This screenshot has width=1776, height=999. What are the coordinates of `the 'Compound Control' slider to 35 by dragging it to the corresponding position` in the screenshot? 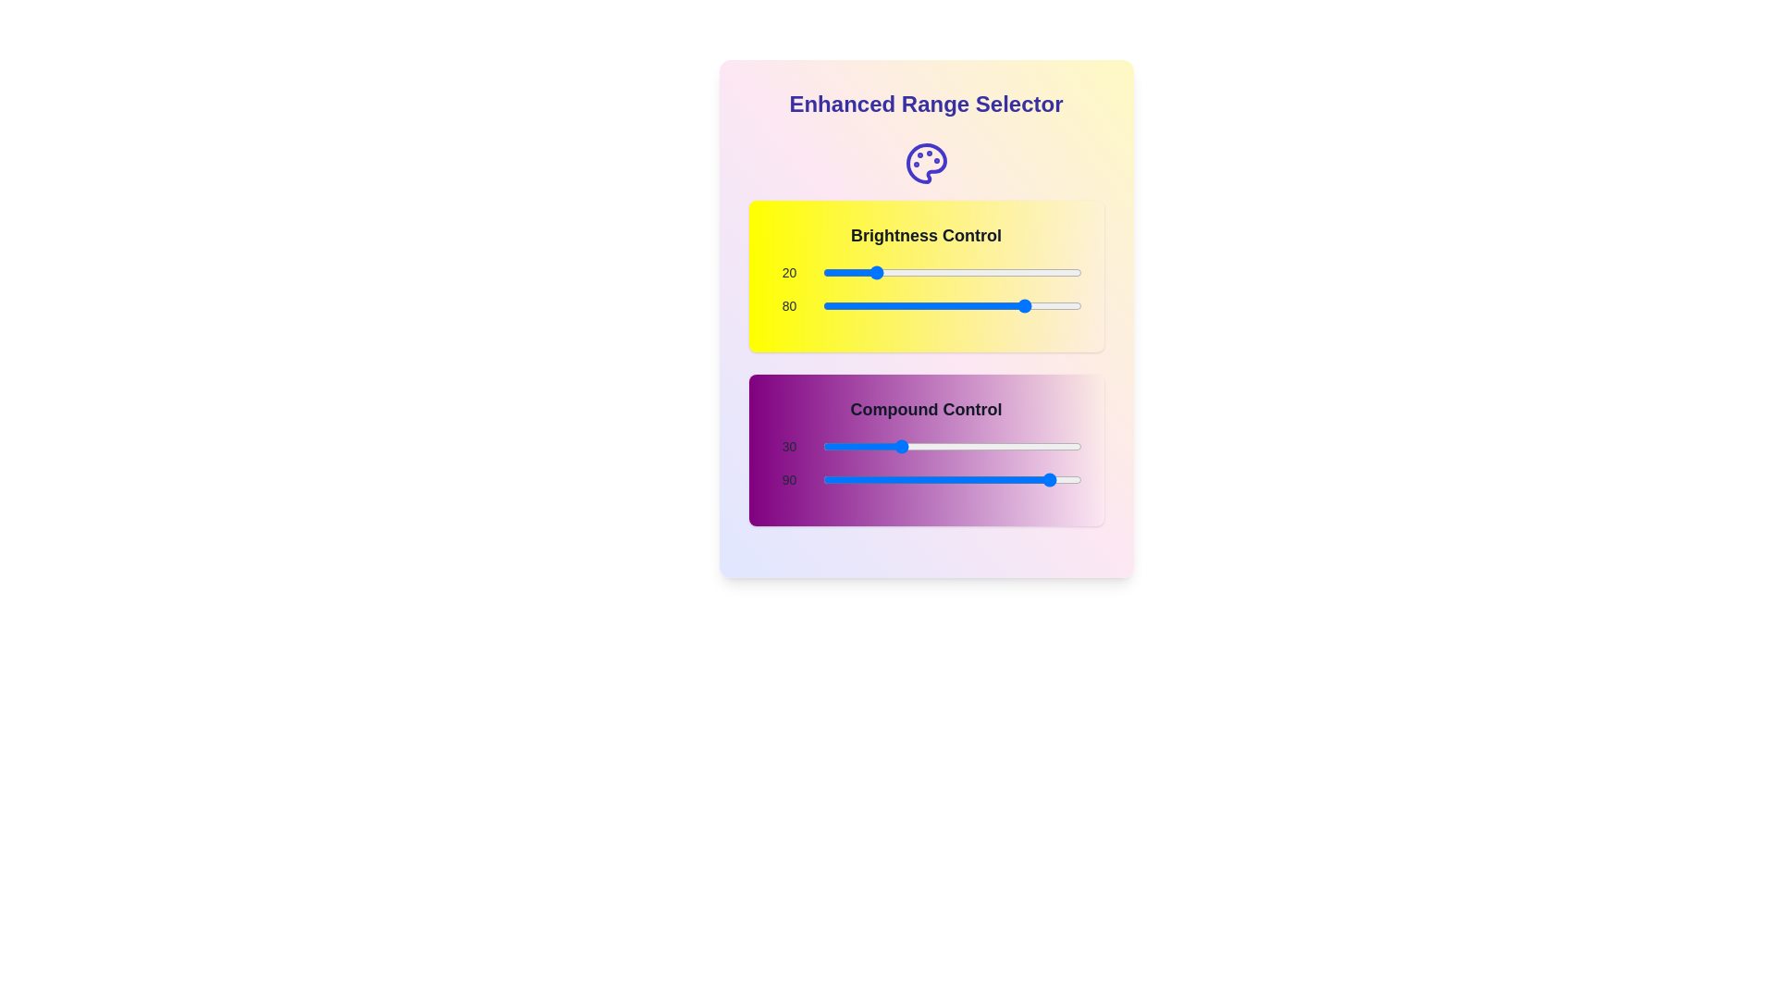 It's located at (911, 446).